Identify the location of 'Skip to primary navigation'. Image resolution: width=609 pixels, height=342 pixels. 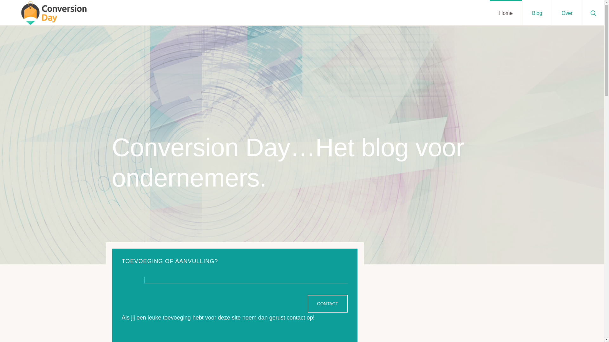
(0, 0).